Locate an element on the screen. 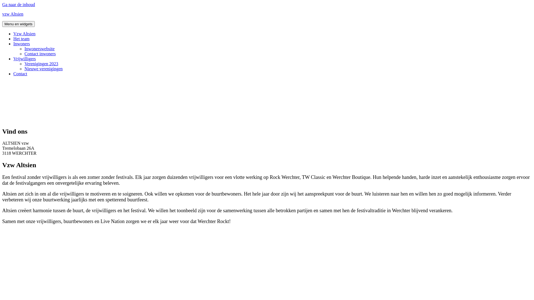  'Vrijwilligers' is located at coordinates (24, 59).